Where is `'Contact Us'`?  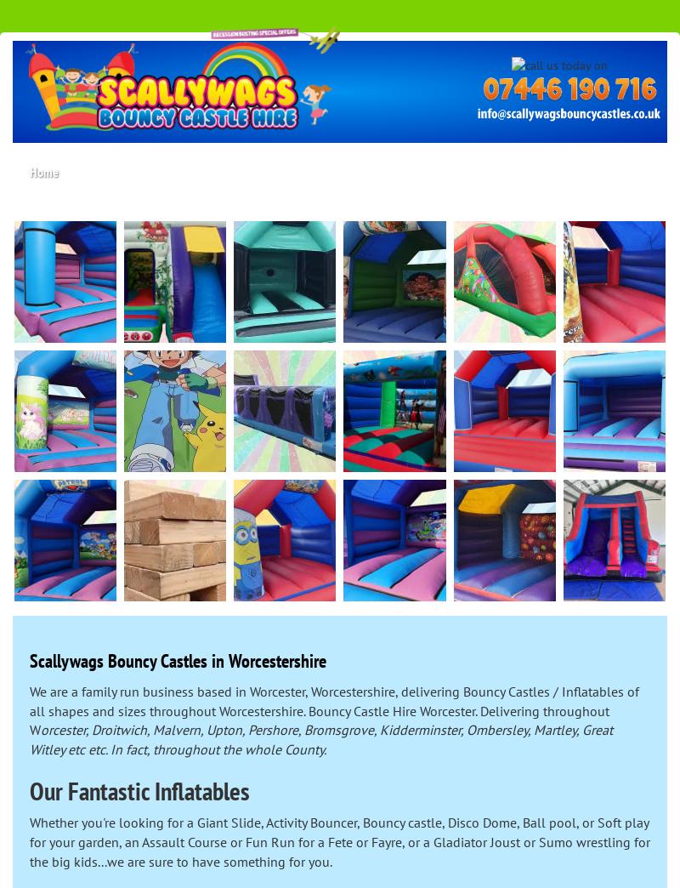 'Contact Us' is located at coordinates (631, 180).